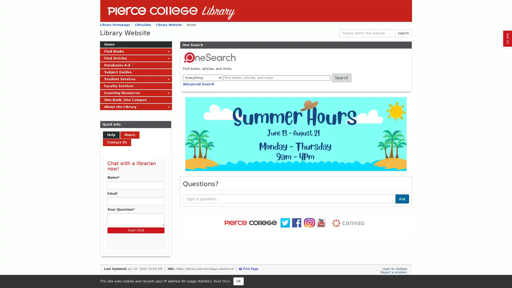  What do you see at coordinates (402, 198) in the screenshot?
I see `Ask` at bounding box center [402, 198].